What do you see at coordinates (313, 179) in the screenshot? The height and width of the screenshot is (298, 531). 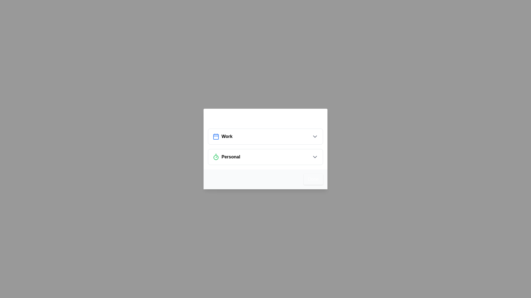 I see `'Done' button to confirm the selection` at bounding box center [313, 179].